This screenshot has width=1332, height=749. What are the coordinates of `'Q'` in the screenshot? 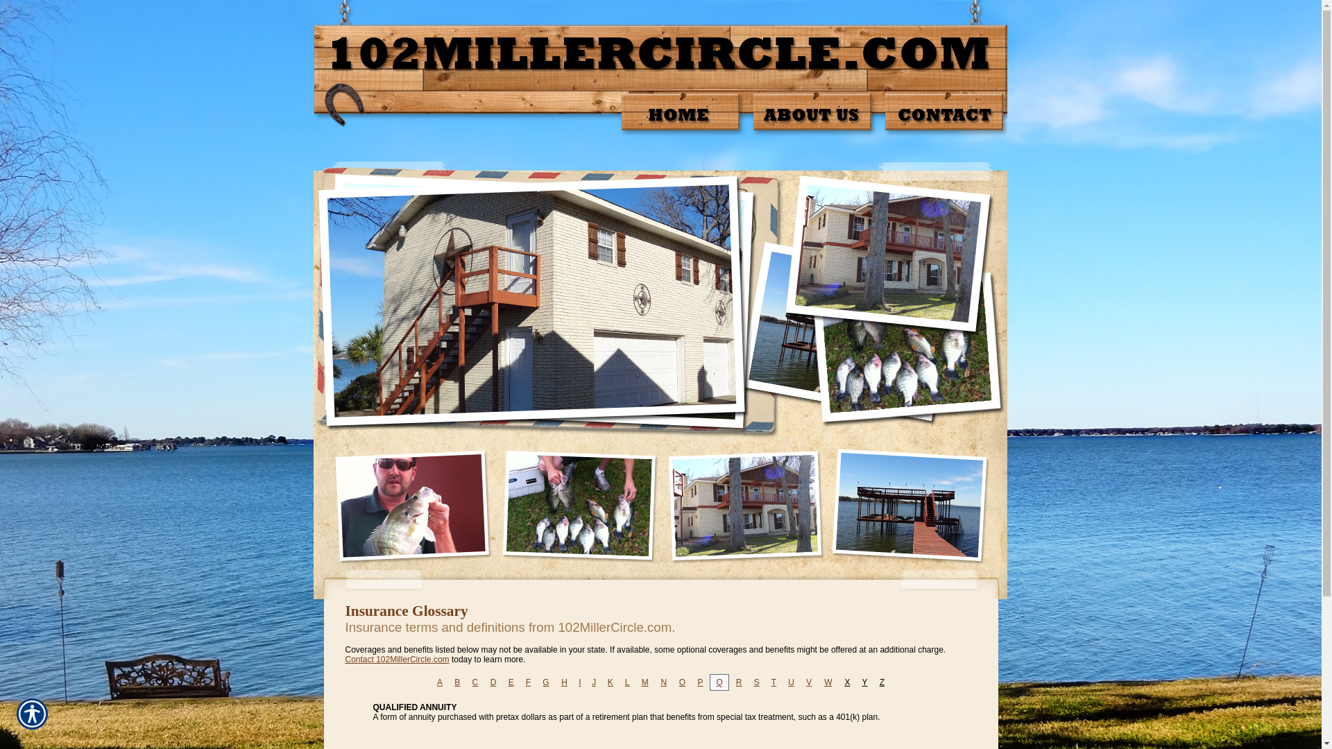 It's located at (719, 681).